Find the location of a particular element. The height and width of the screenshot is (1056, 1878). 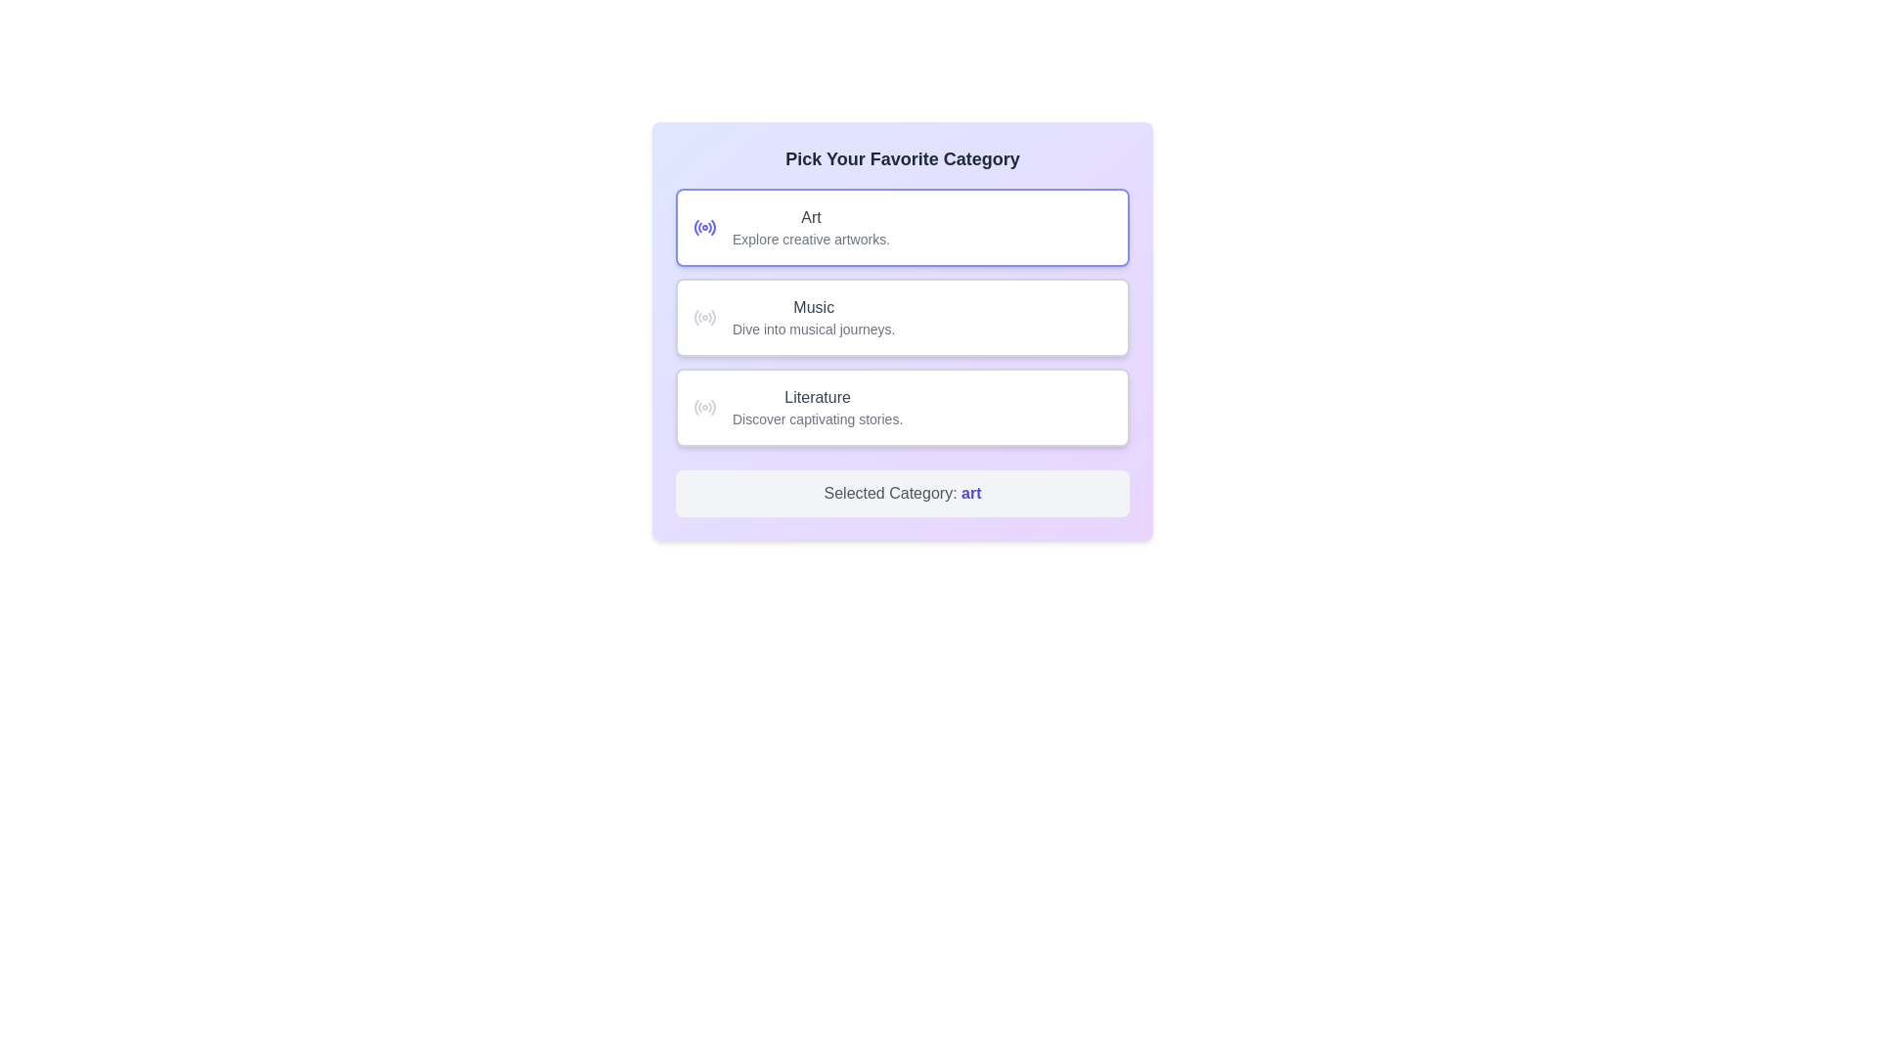

the text label that reads 'Discover captivating stories.' located below the main title 'Literature' in the 'Pick Your Favorite Category' section is located at coordinates (818, 418).